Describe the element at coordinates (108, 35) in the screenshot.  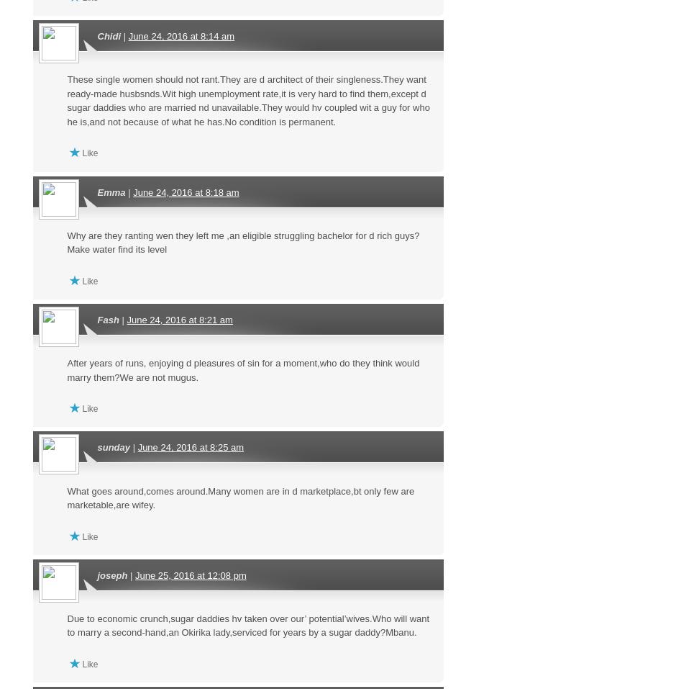
I see `'Chidi'` at that location.